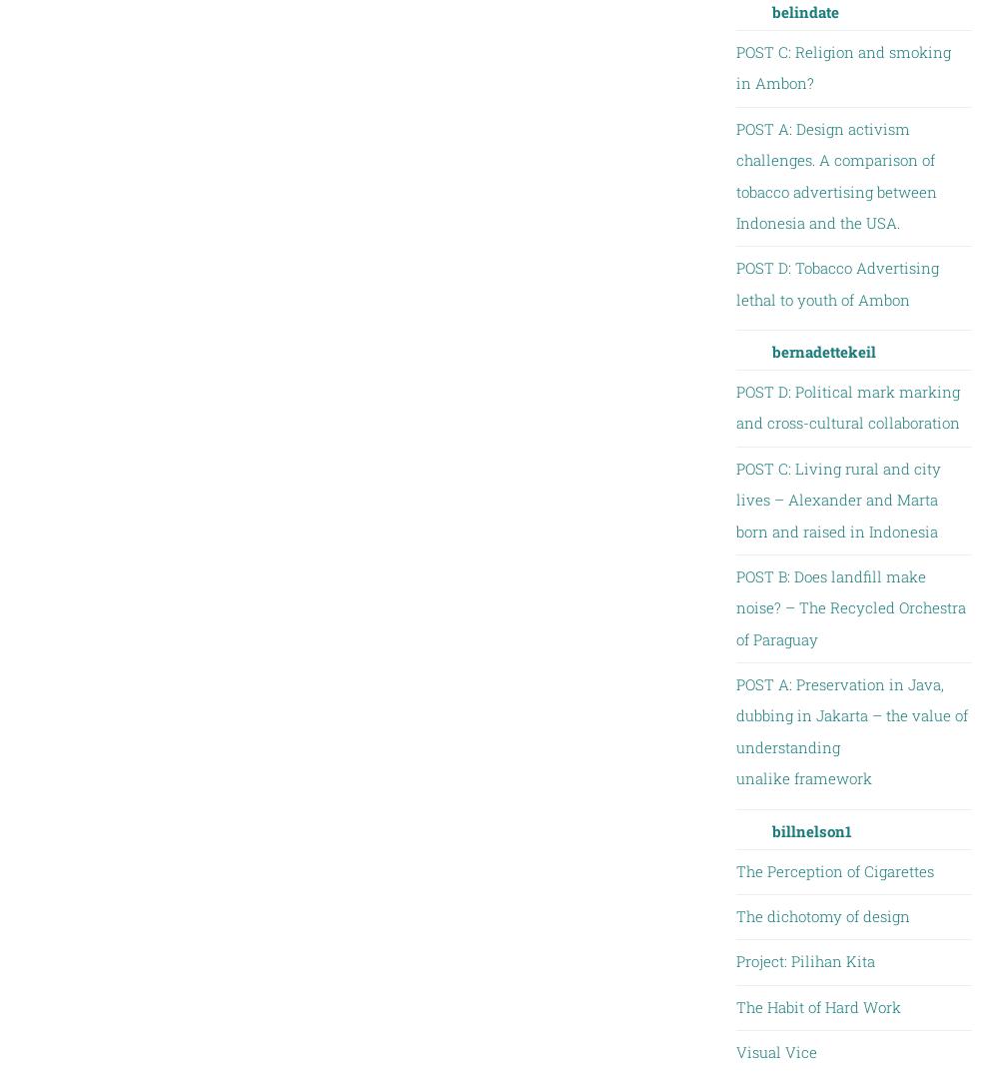  What do you see at coordinates (849, 606) in the screenshot?
I see `'POST B: Does landfill make noise? – The Recycled Orchestra of Paraguay'` at bounding box center [849, 606].